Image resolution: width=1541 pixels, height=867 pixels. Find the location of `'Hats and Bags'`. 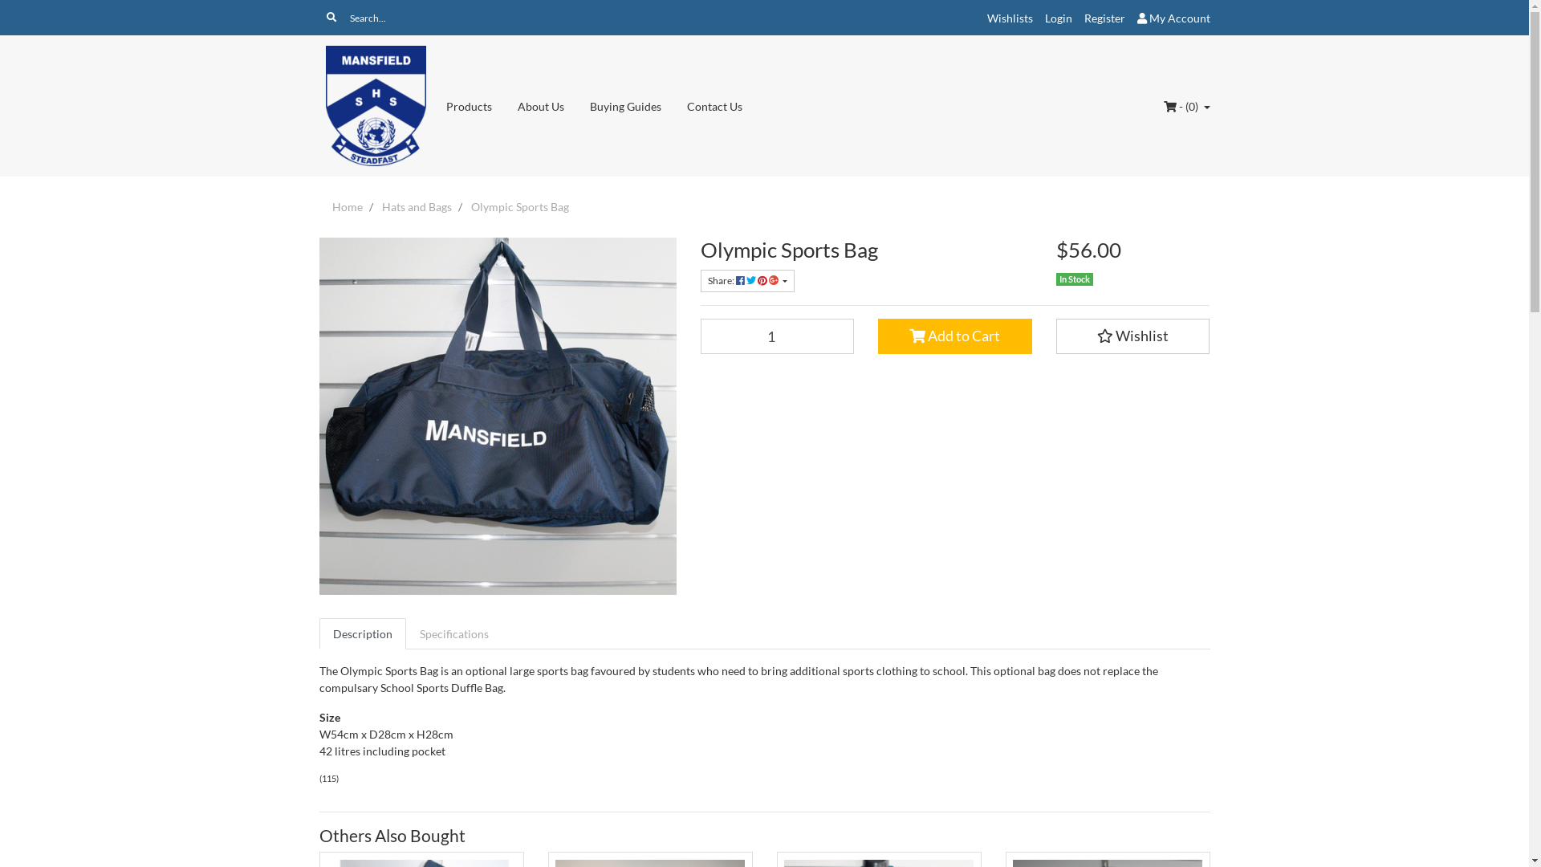

'Hats and Bags' is located at coordinates (417, 206).